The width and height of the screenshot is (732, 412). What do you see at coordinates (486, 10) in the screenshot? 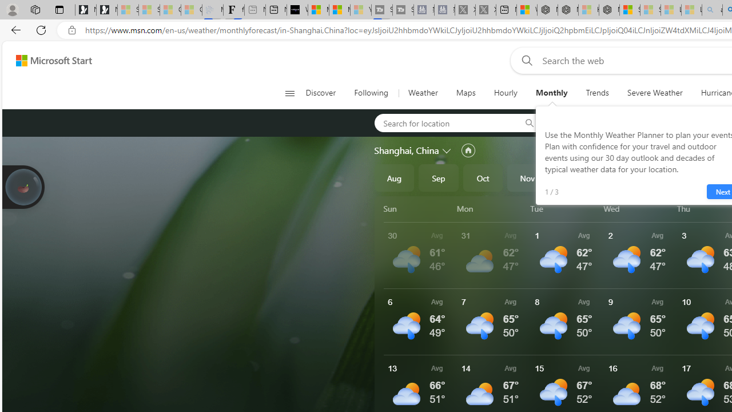
I see `'X - Sleeping'` at bounding box center [486, 10].